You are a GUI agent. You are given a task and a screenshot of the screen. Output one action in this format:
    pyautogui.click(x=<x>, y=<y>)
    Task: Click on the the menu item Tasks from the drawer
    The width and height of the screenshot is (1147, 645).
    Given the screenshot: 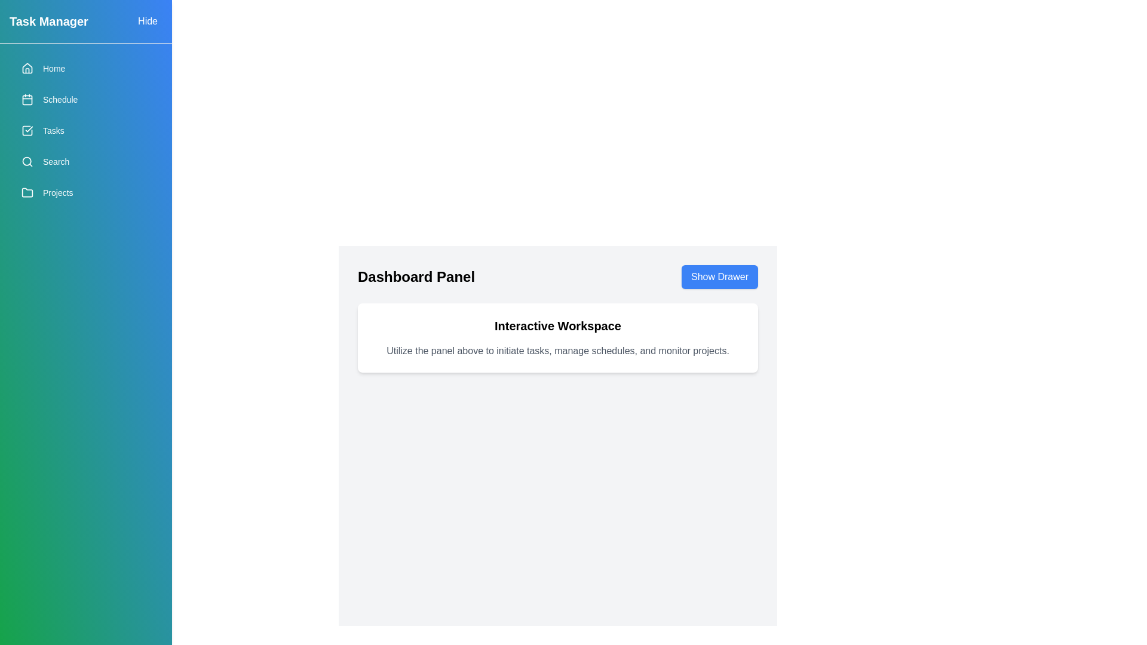 What is the action you would take?
    pyautogui.click(x=85, y=131)
    